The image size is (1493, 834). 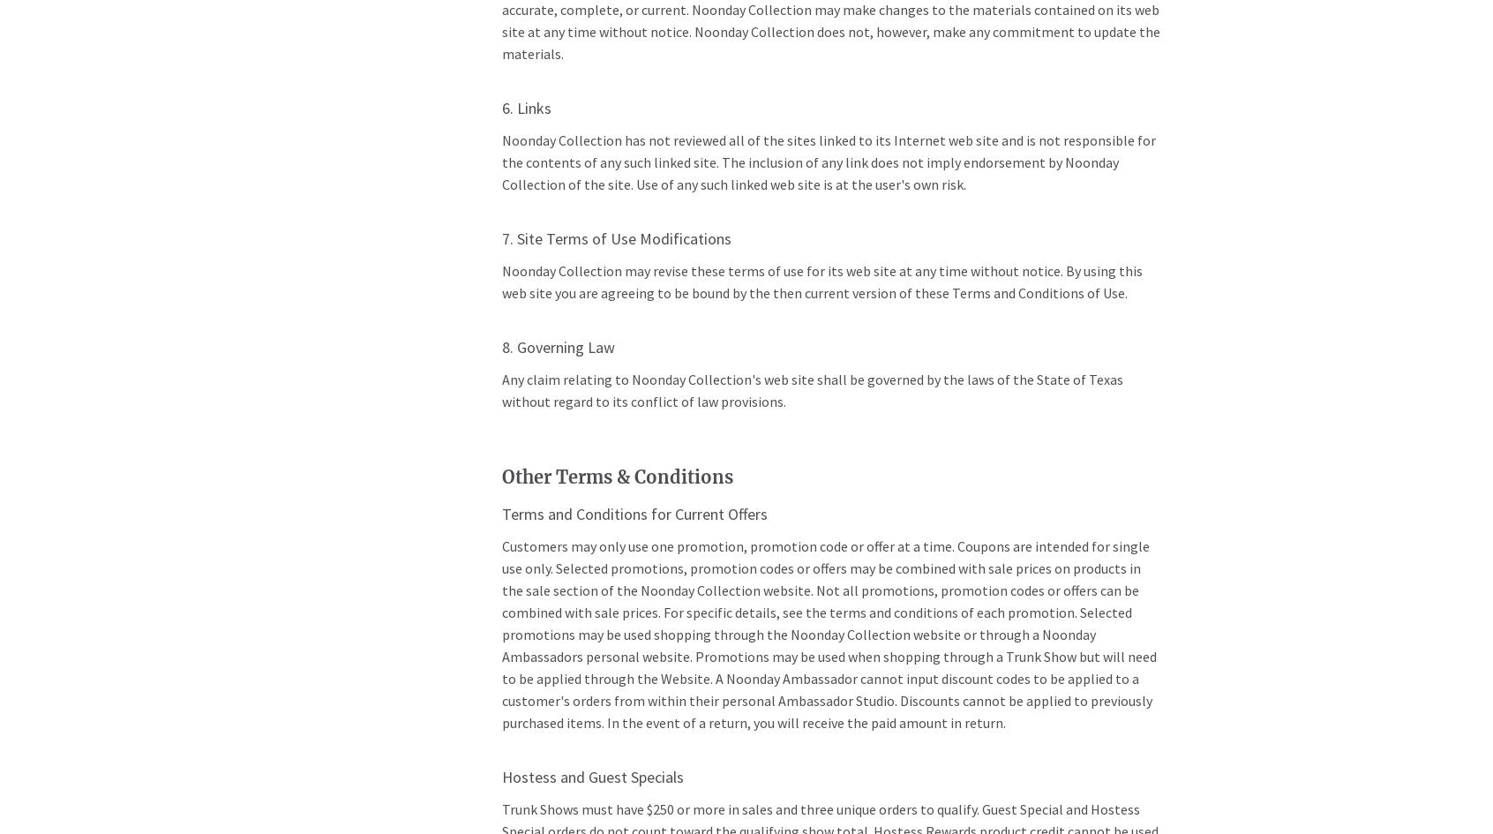 What do you see at coordinates (524, 107) in the screenshot?
I see `'6. Links'` at bounding box center [524, 107].